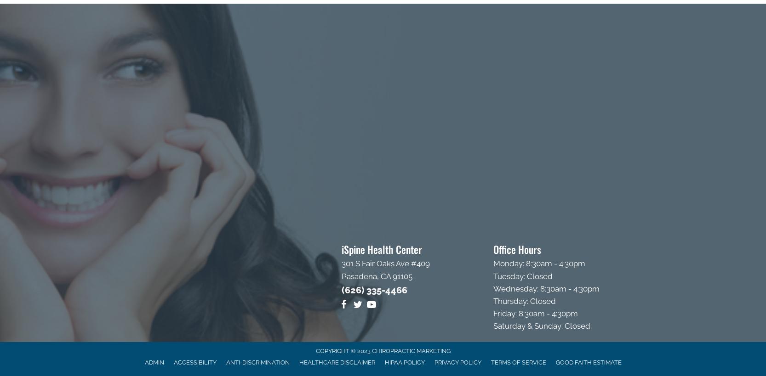 This screenshot has width=766, height=376. What do you see at coordinates (404, 362) in the screenshot?
I see `'HIPAA Policy'` at bounding box center [404, 362].